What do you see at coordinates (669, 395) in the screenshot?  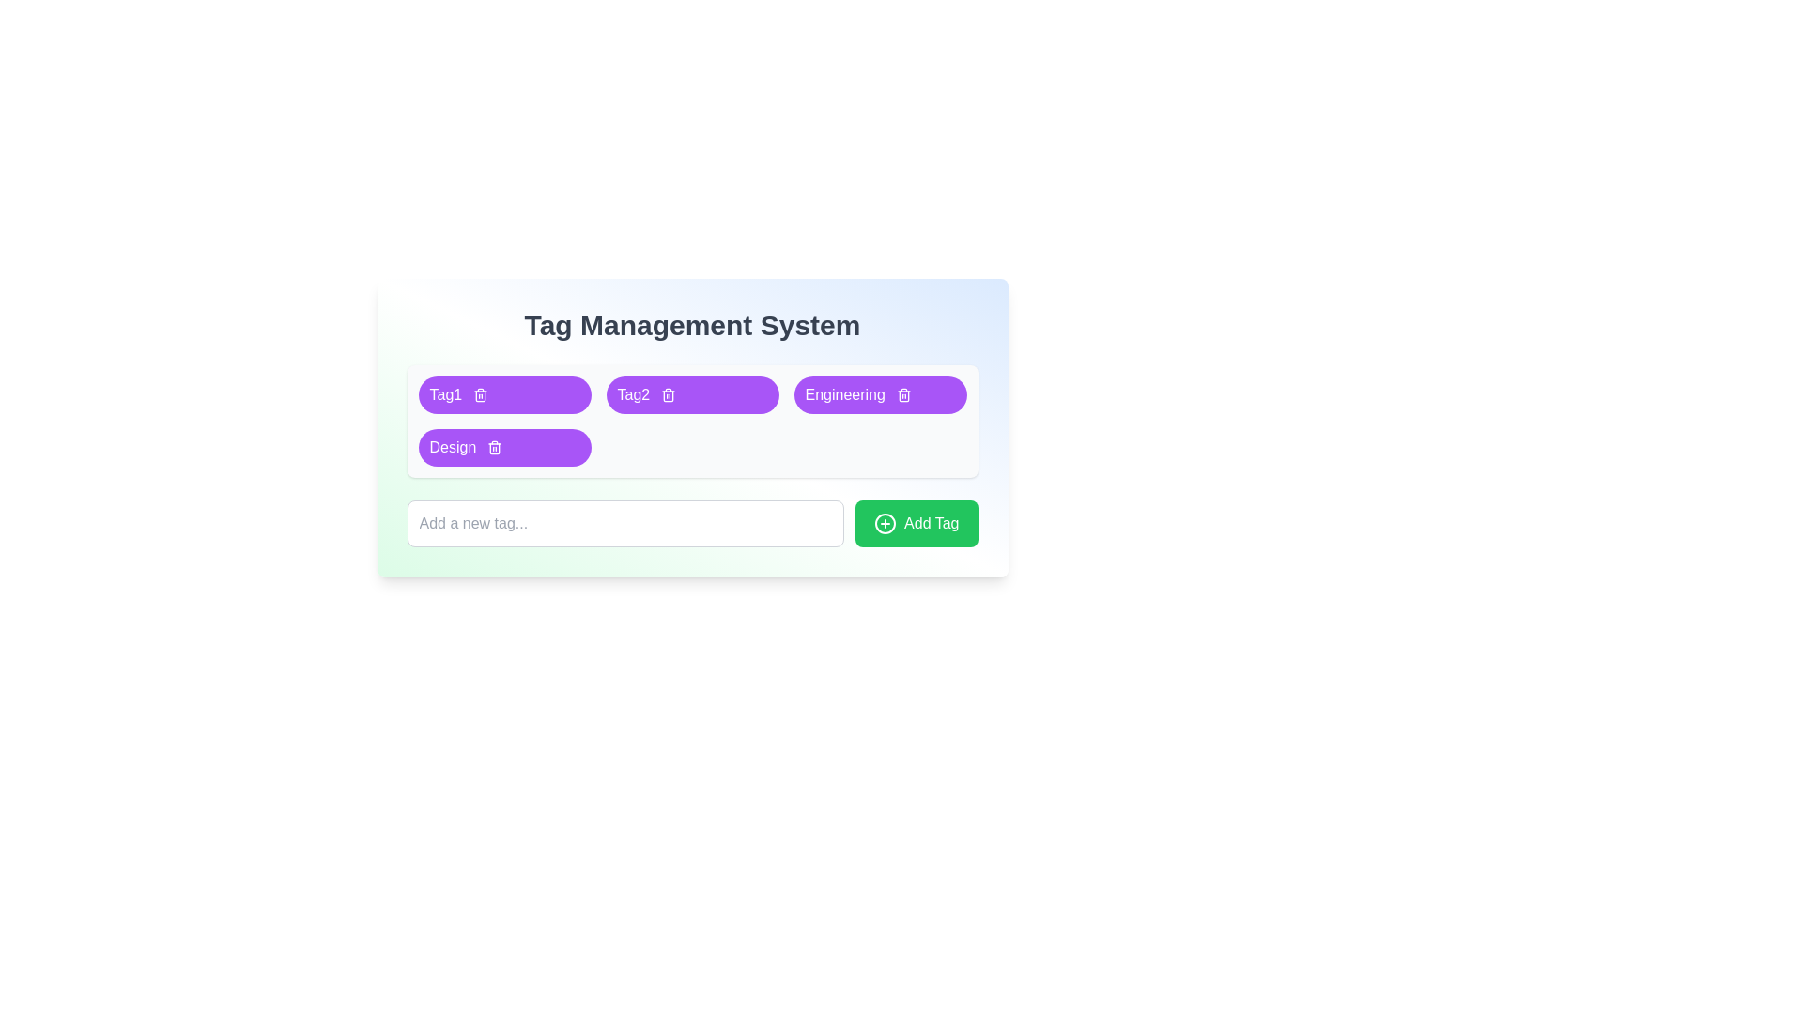 I see `the main rectangular body of the trash bin icon located inside the purple tag labeled 'Tag2', which is positioned between 'Tag1' and 'Engineering'` at bounding box center [669, 395].